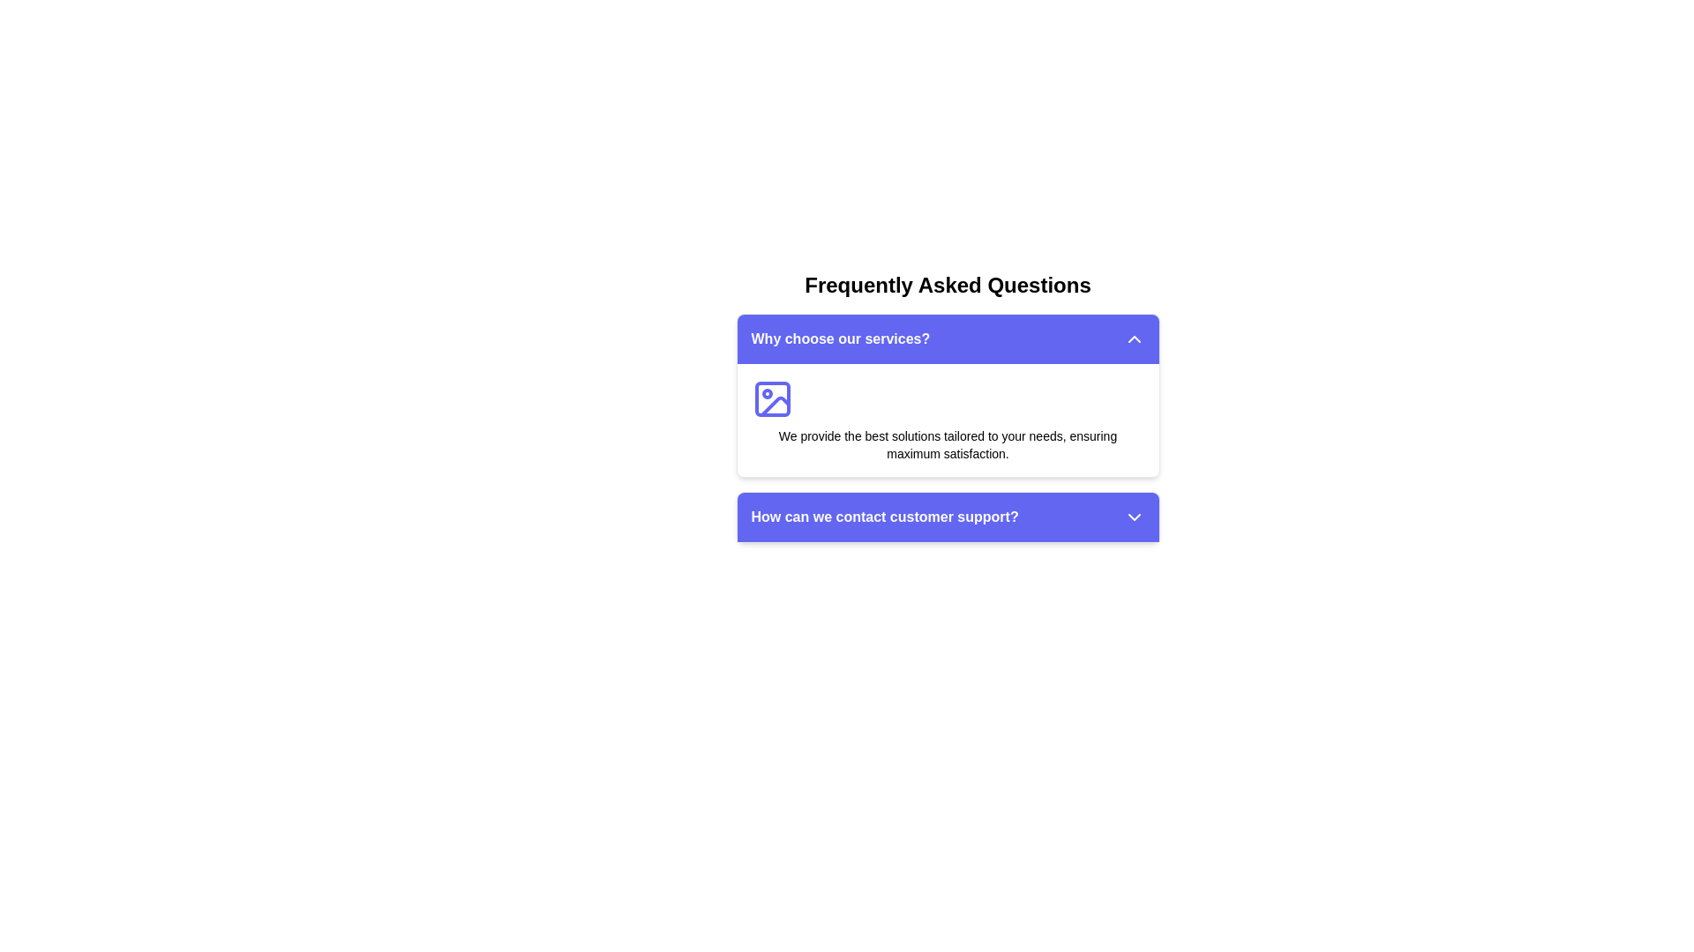 The width and height of the screenshot is (1694, 952). I want to click on the Chevron icon located at the far-right end of the purple header bar labeled 'Why choose our services?', so click(1134, 339).